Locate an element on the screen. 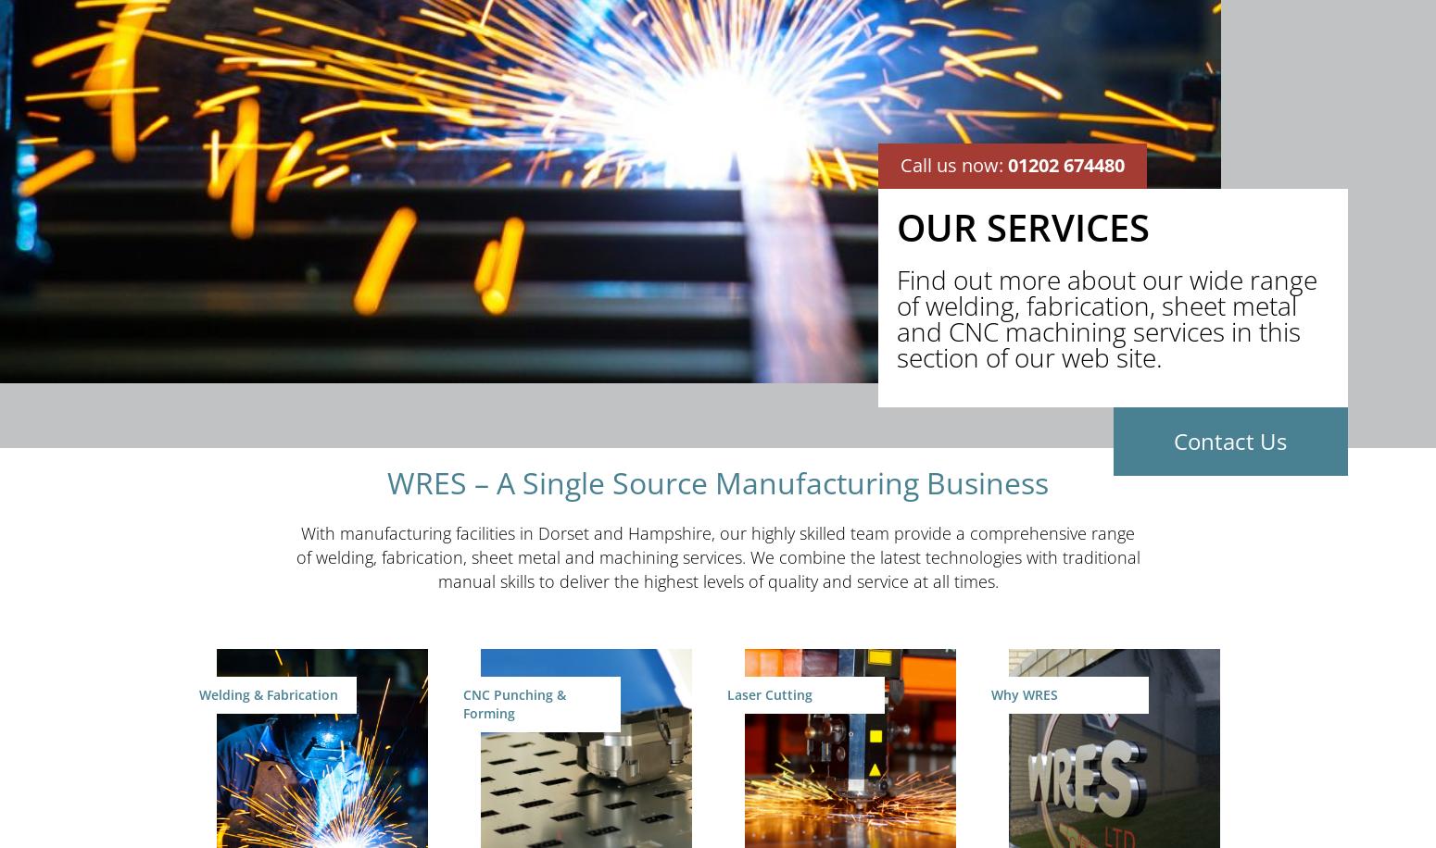 The image size is (1436, 848). '01202 674480' is located at coordinates (1065, 164).